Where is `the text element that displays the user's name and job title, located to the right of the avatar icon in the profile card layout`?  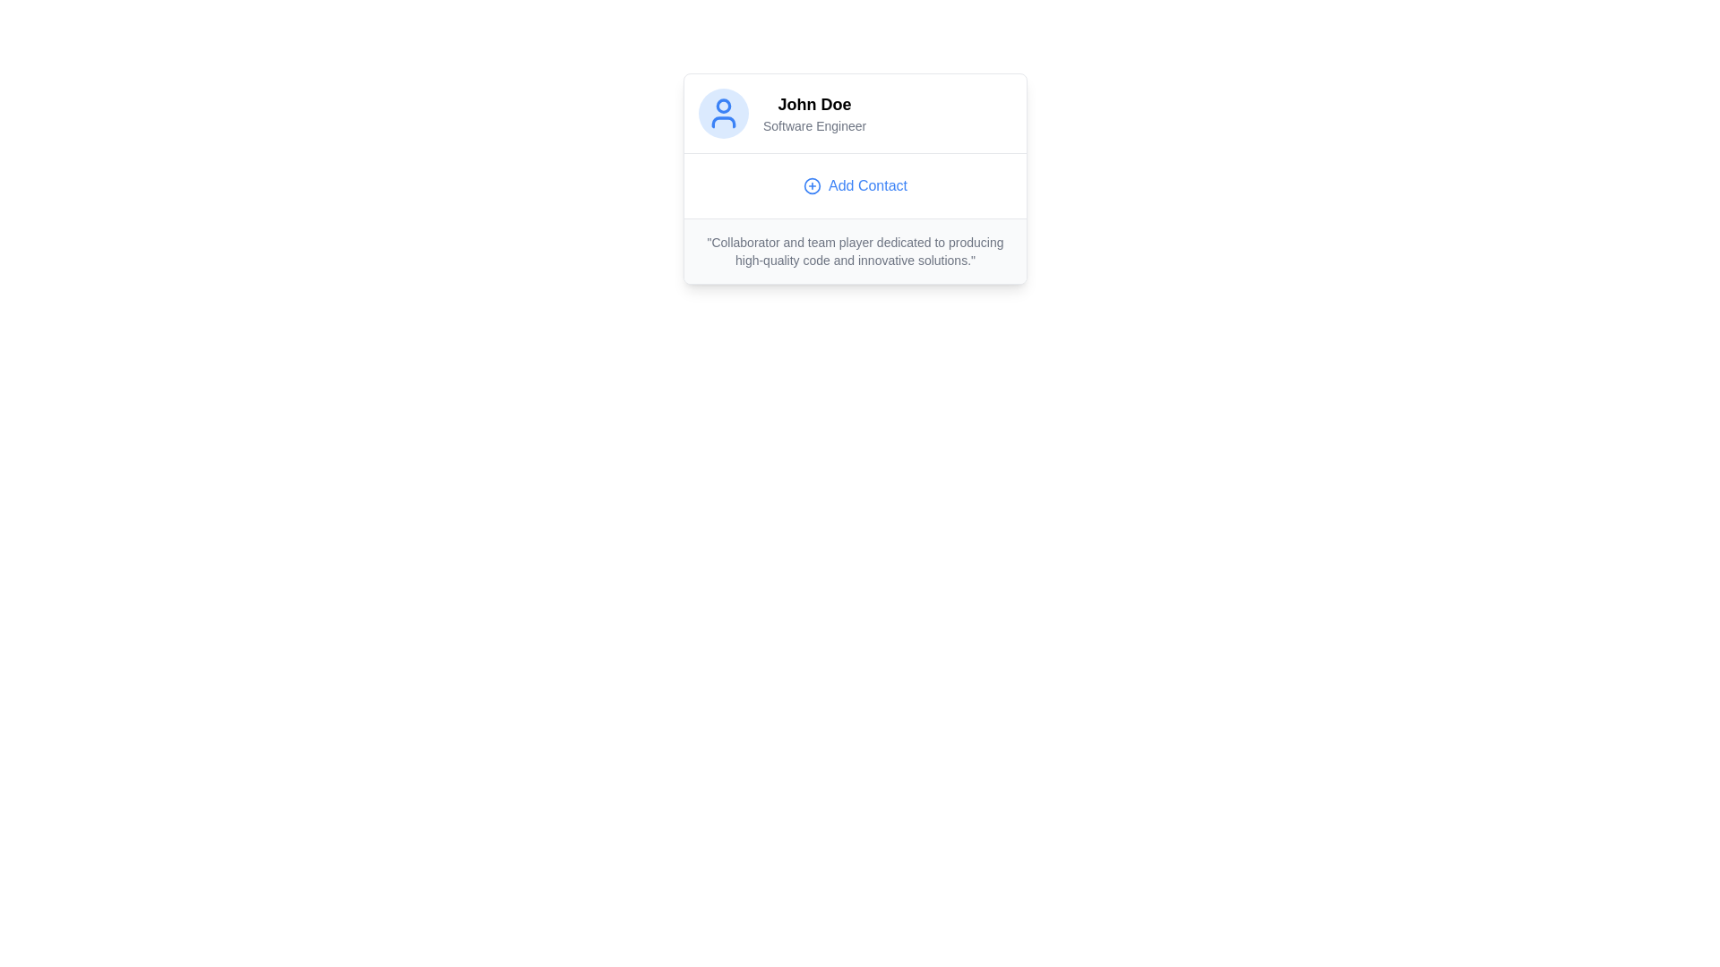
the text element that displays the user's name and job title, located to the right of the avatar icon in the profile card layout is located at coordinates (813, 114).